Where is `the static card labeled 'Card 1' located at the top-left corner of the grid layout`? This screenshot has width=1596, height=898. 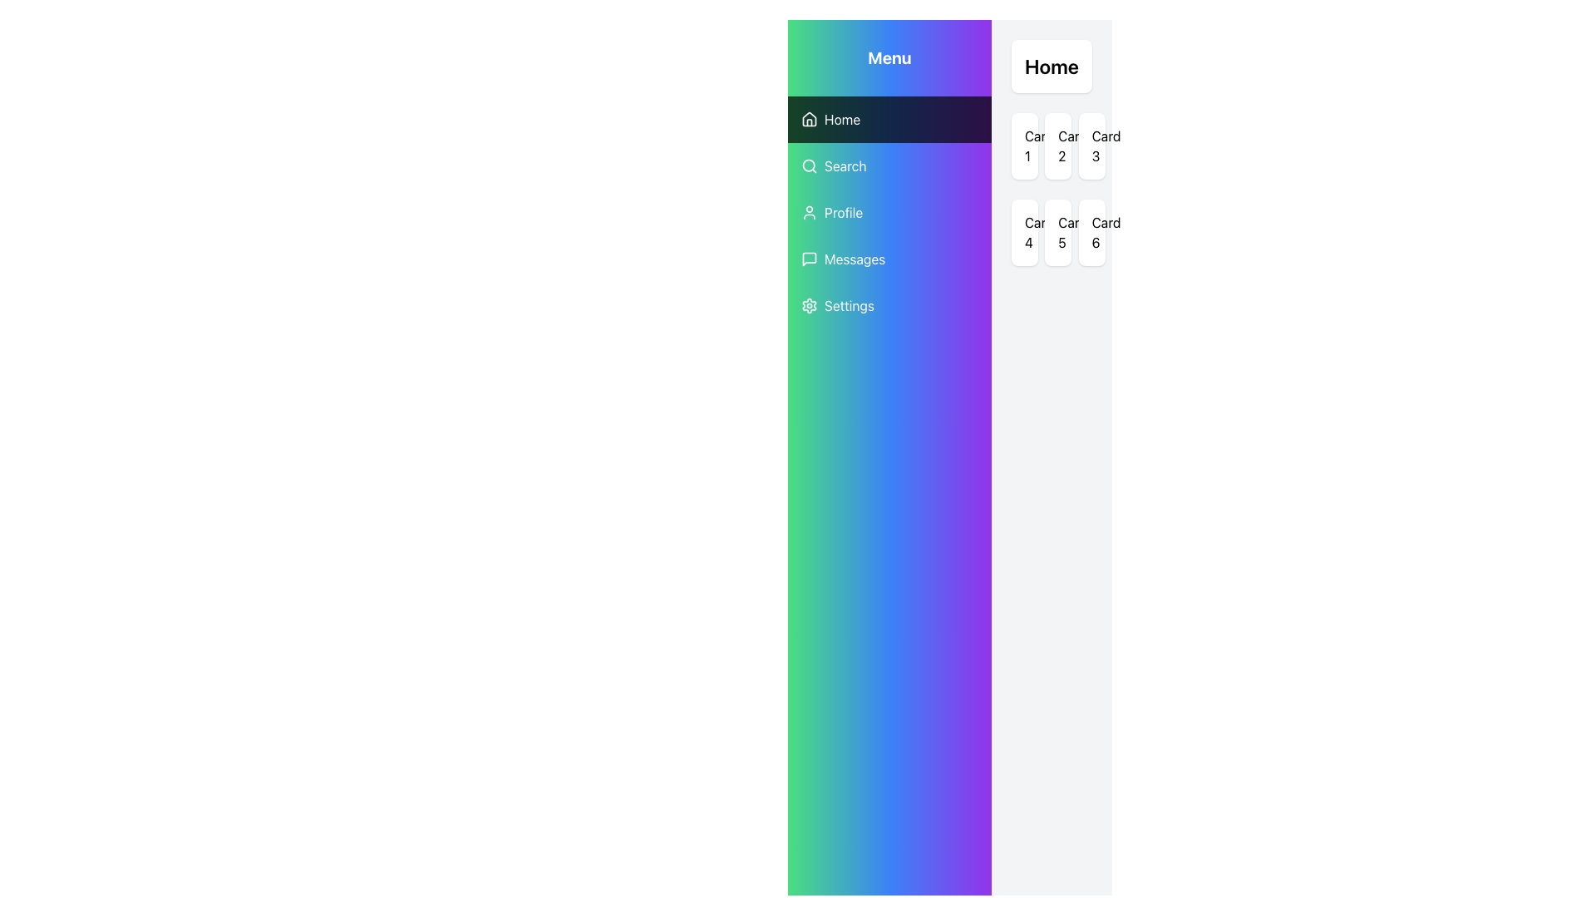 the static card labeled 'Card 1' located at the top-left corner of the grid layout is located at coordinates (1023, 146).